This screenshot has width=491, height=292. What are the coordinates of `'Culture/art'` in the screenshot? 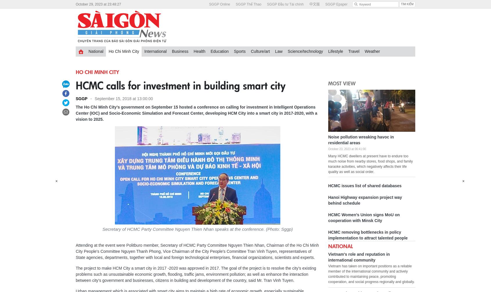 It's located at (260, 51).